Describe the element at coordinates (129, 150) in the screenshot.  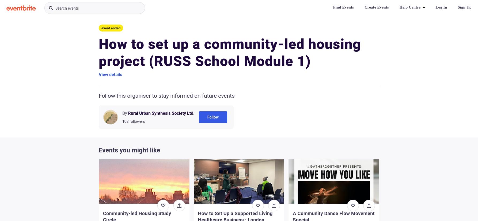
I see `'Events you might like'` at that location.